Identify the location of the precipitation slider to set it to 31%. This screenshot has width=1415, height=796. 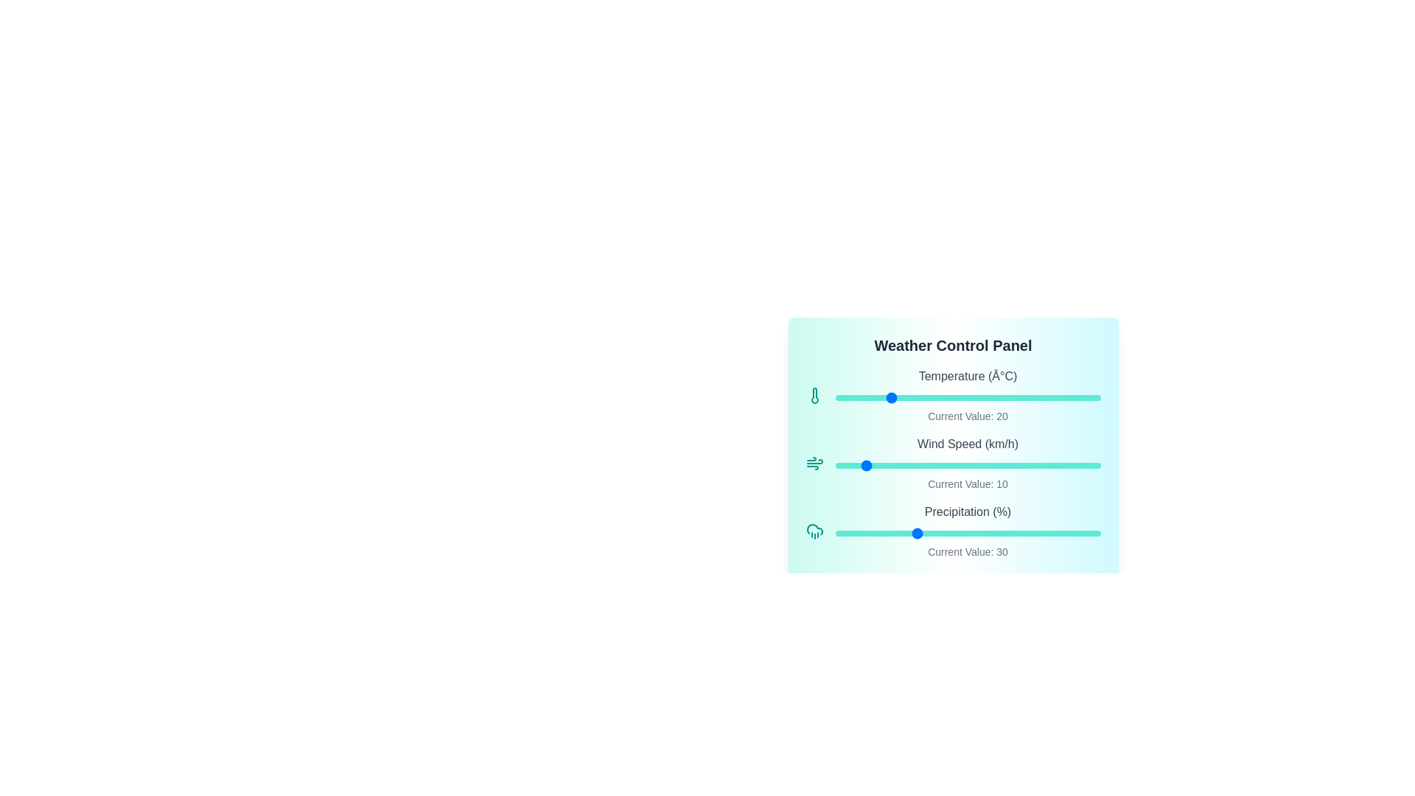
(917, 534).